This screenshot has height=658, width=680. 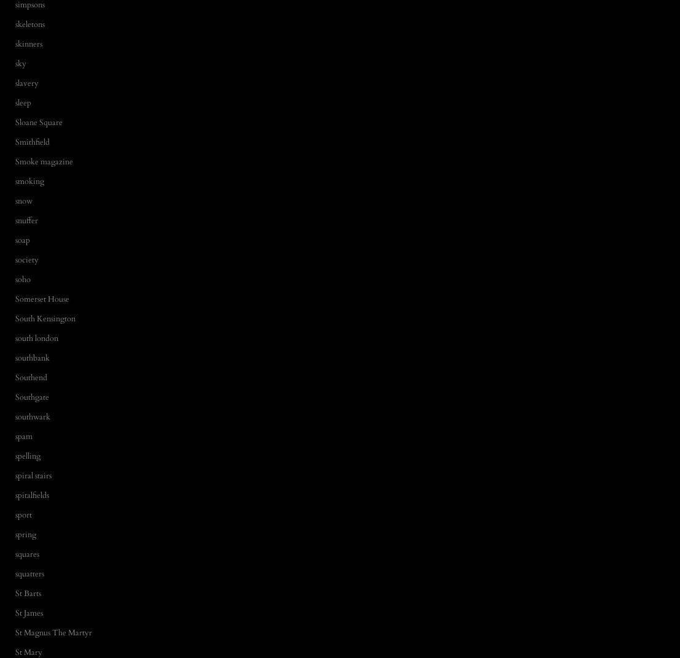 What do you see at coordinates (29, 23) in the screenshot?
I see `'skeletons'` at bounding box center [29, 23].